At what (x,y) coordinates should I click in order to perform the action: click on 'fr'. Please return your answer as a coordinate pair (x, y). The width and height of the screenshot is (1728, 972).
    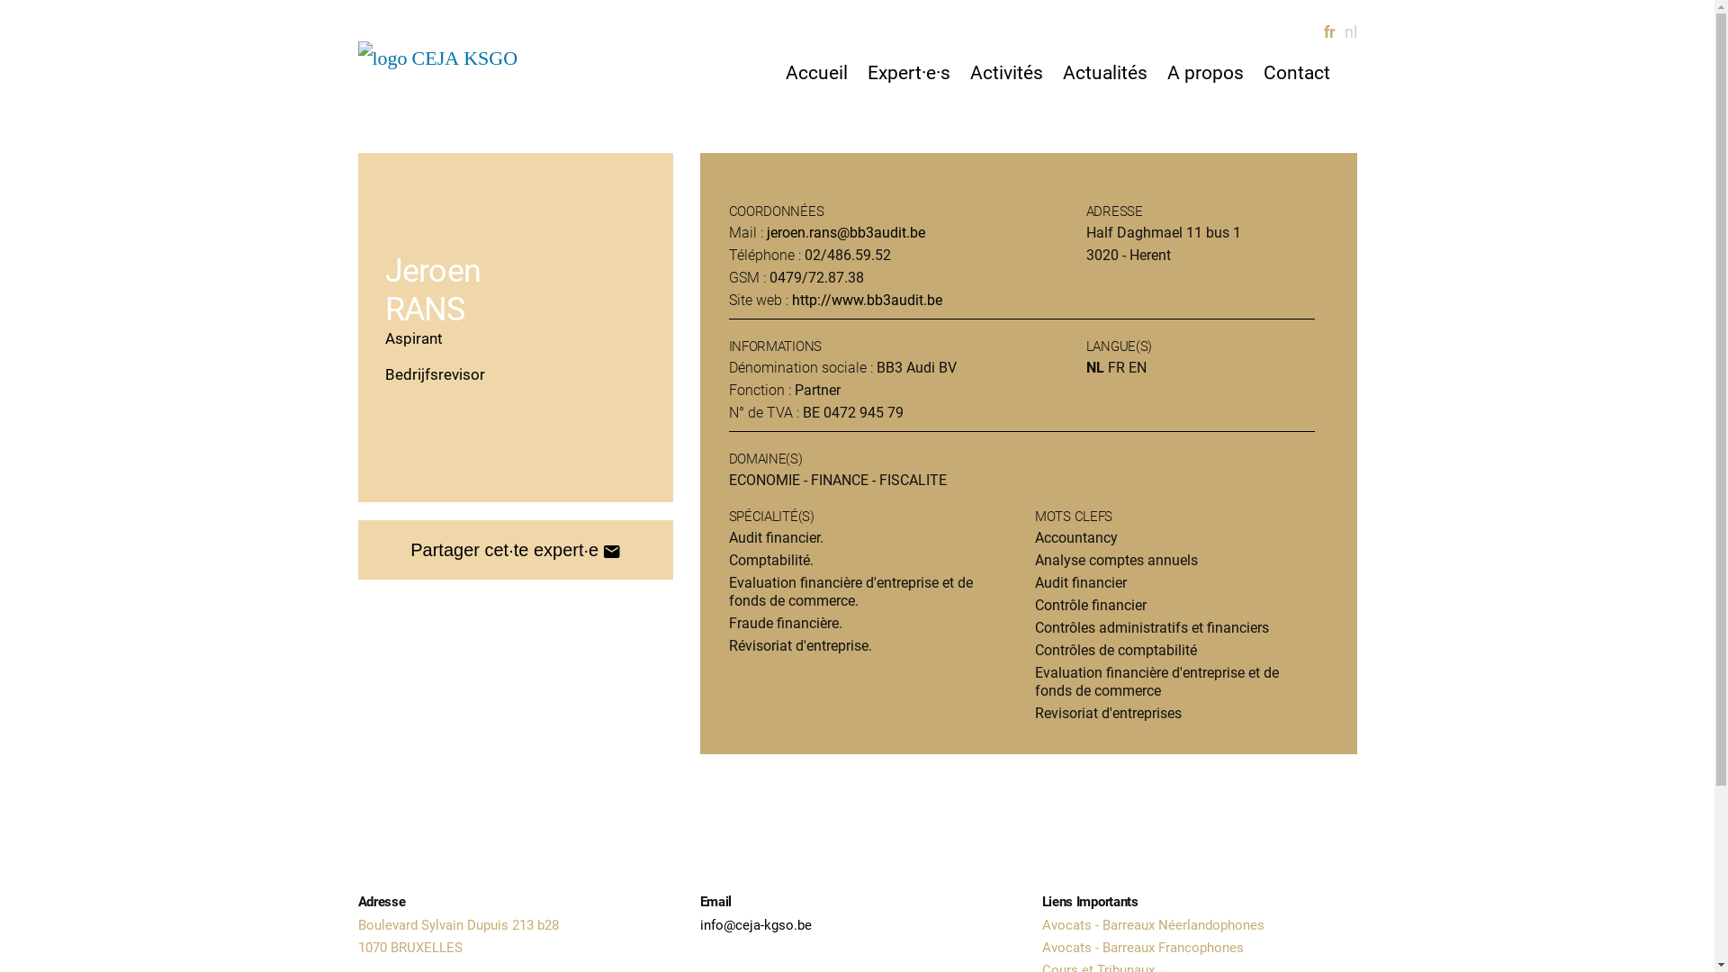
    Looking at the image, I should click on (1322, 31).